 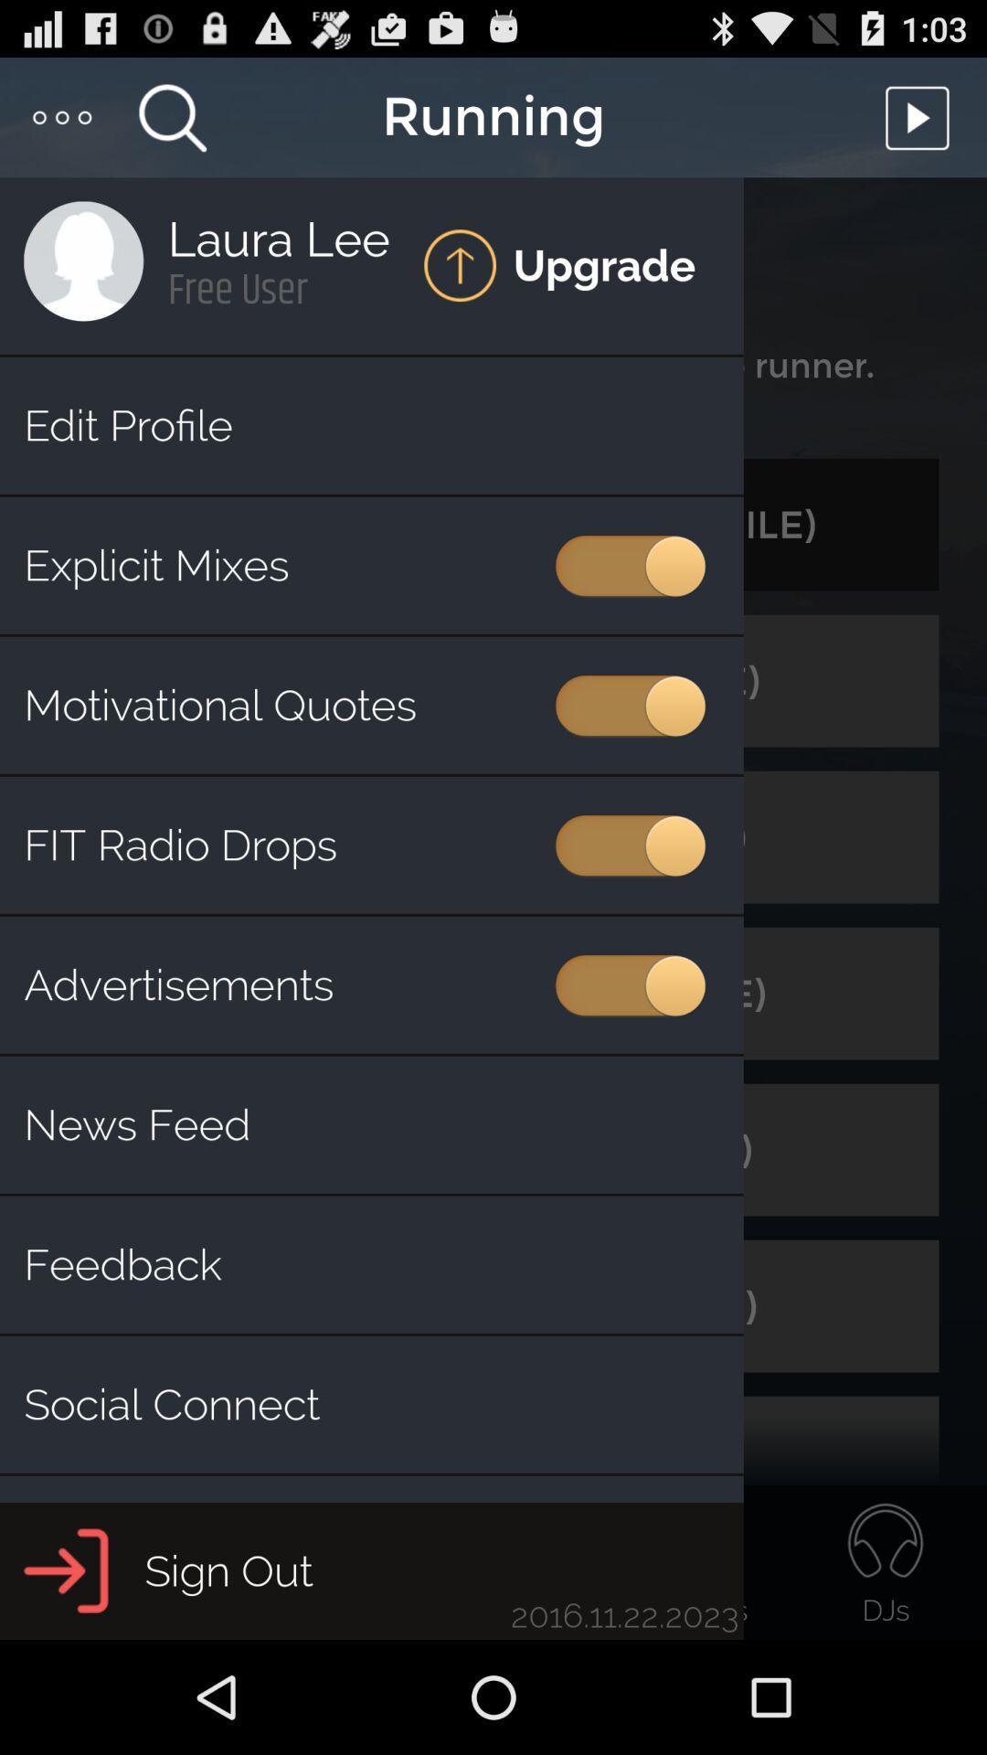 What do you see at coordinates (172, 124) in the screenshot?
I see `the search icon` at bounding box center [172, 124].